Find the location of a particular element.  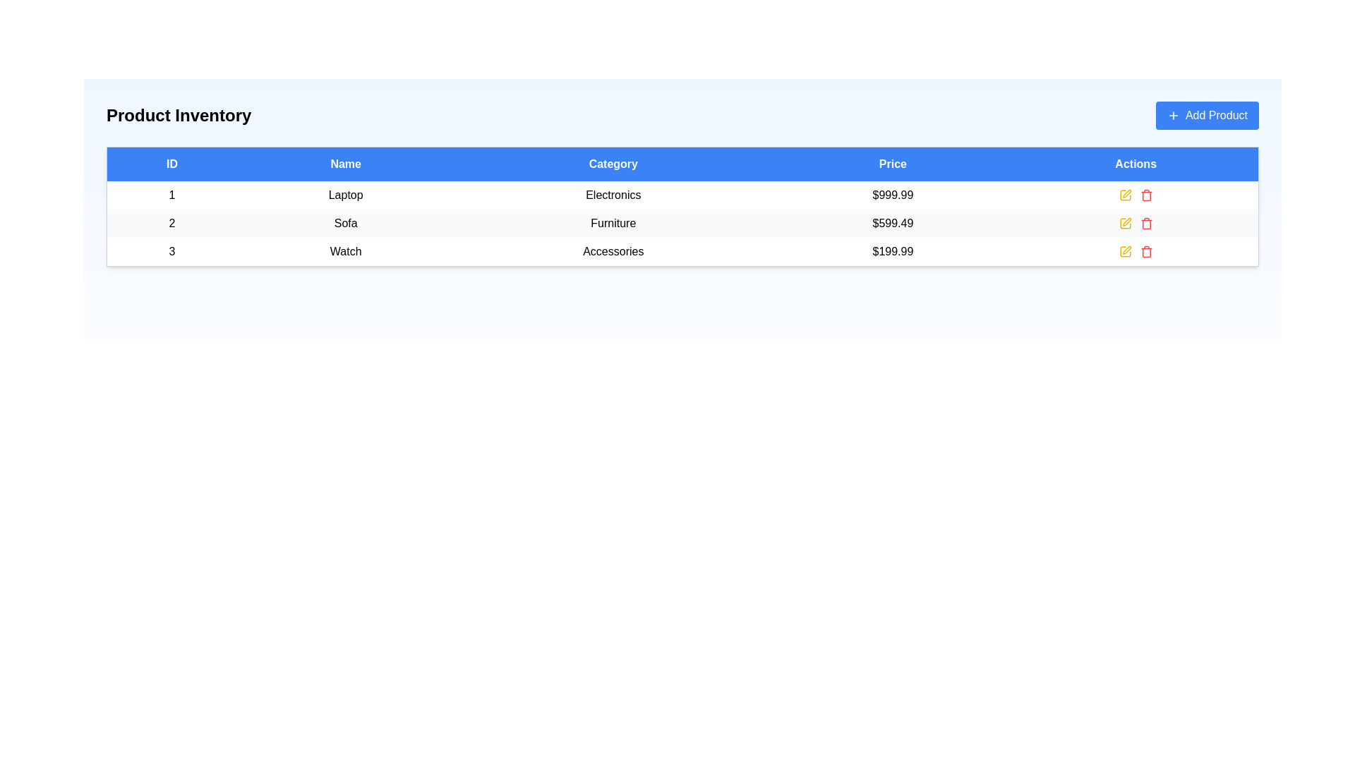

the text element displaying 'Laptop', which is centered in the second column under the 'Name' header in the first row of the table is located at coordinates (346, 195).